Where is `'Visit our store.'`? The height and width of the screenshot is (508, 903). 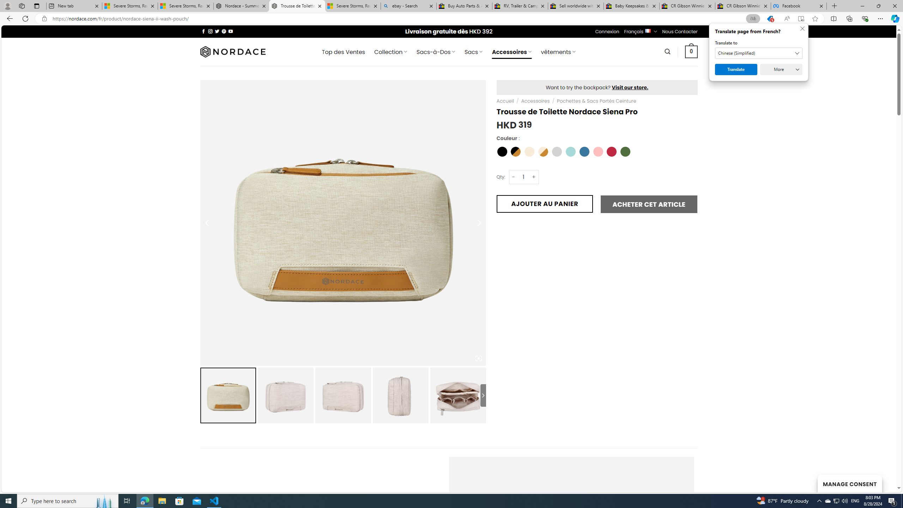
'Visit our store.' is located at coordinates (630, 87).